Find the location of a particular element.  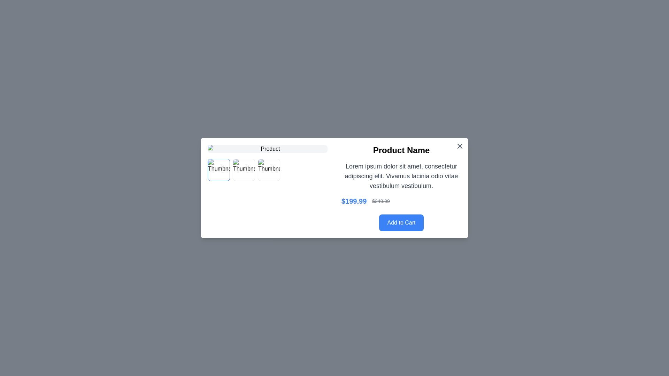

the first square thumbnail image with a rounded blue border is located at coordinates (218, 170).